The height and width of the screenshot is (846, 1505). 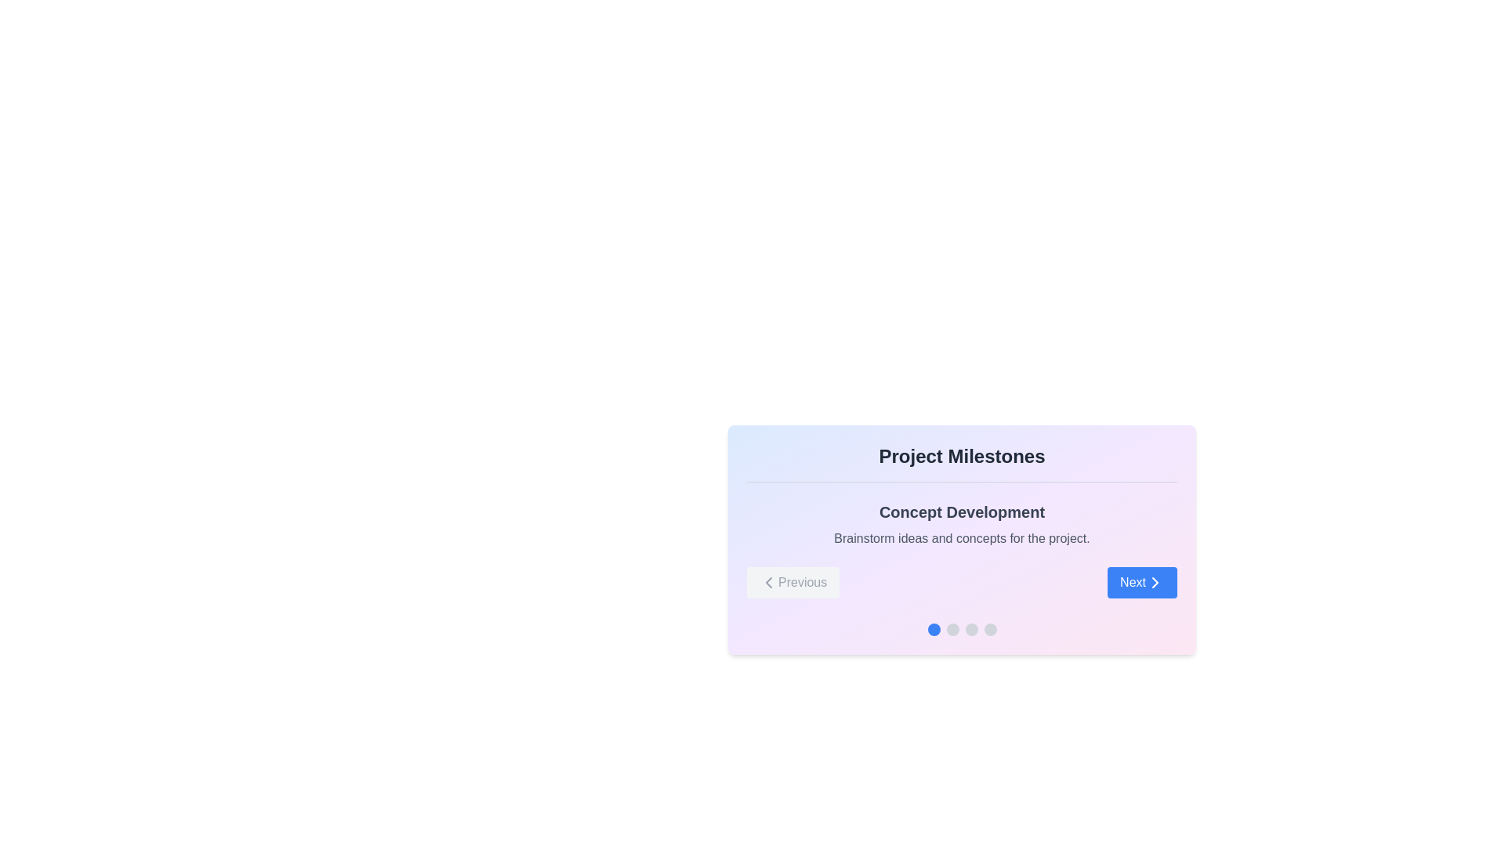 I want to click on the chevron icon within the 'Previous' button located in the bottom-left corner of the dialog box, so click(x=768, y=583).